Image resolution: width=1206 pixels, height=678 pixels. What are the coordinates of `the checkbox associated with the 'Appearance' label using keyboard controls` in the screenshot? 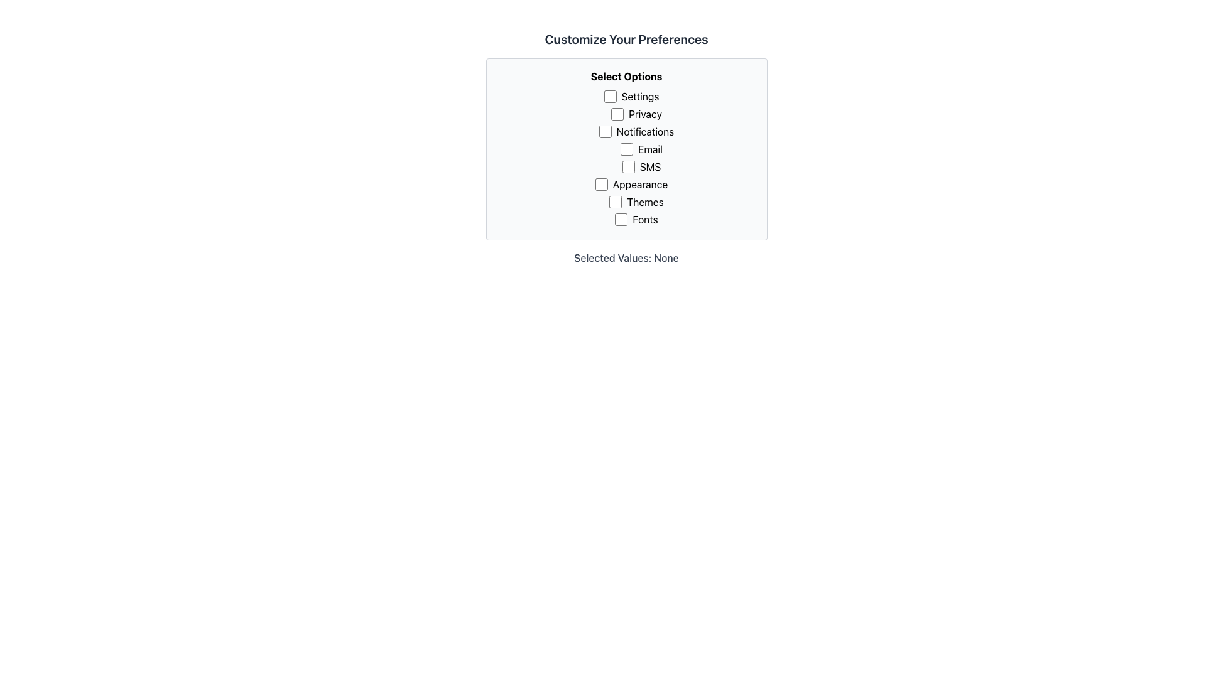 It's located at (600, 184).